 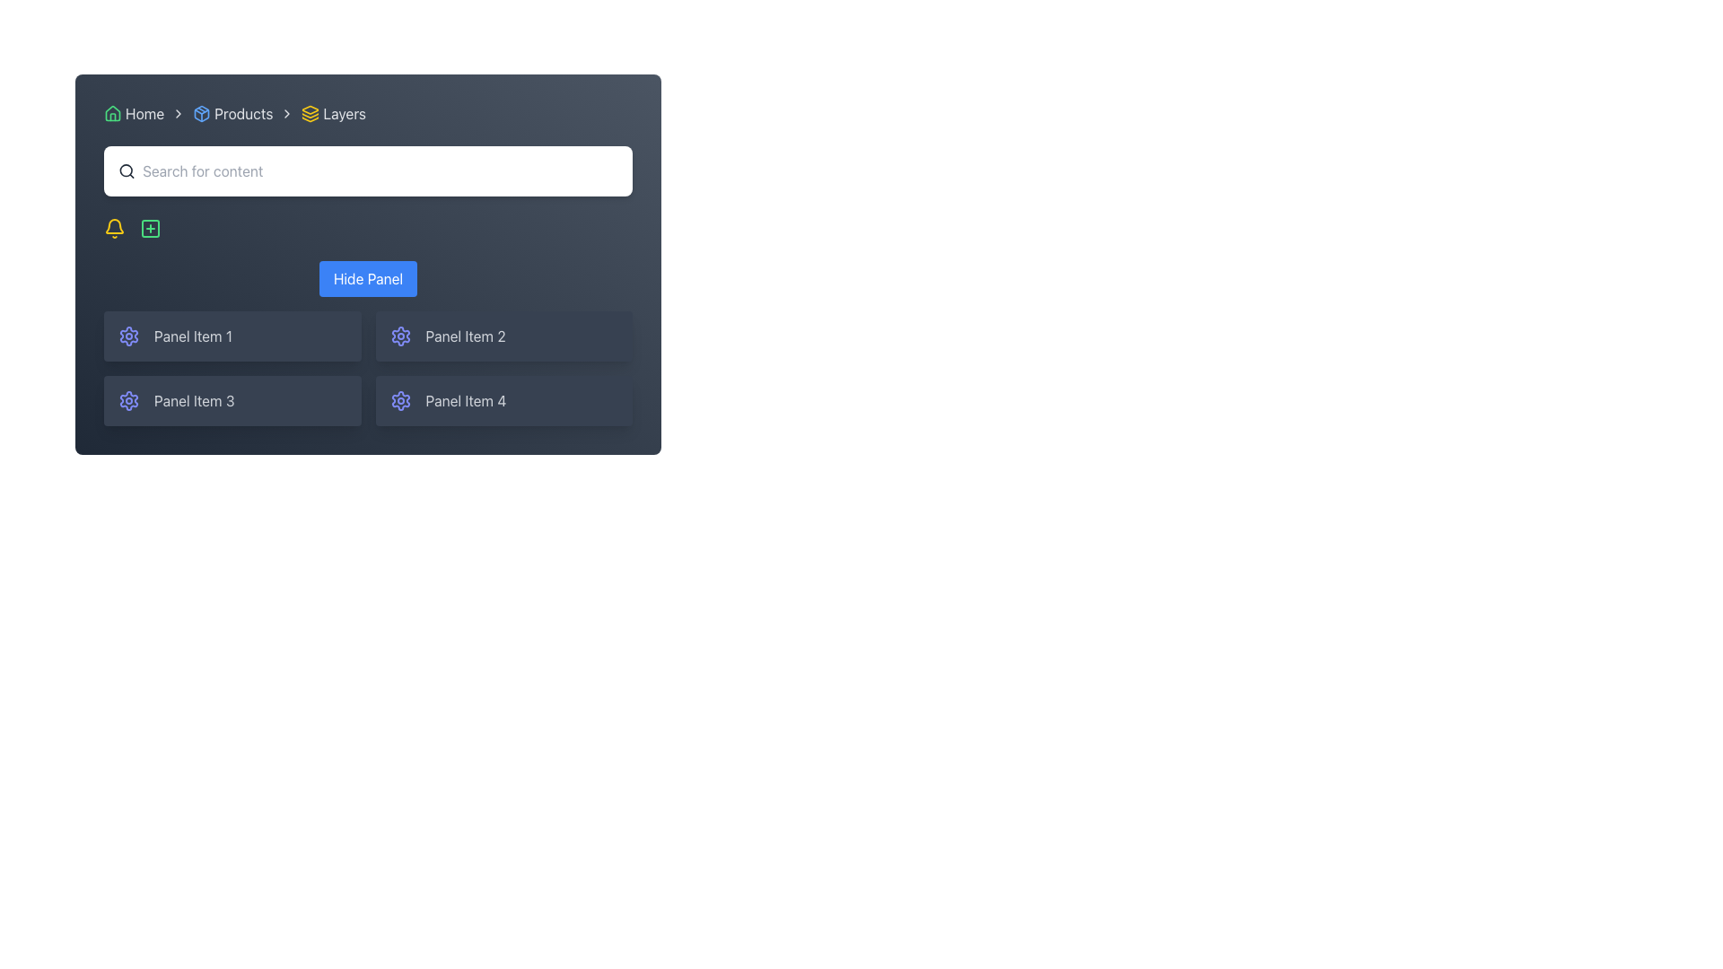 What do you see at coordinates (399, 400) in the screenshot?
I see `the gear icon in the fourth panel of the 2x2 grid layout` at bounding box center [399, 400].